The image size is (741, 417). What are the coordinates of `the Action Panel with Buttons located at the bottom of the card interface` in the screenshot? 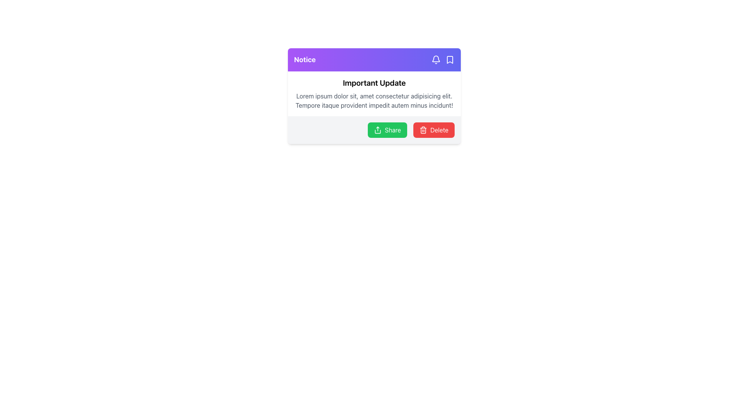 It's located at (374, 129).